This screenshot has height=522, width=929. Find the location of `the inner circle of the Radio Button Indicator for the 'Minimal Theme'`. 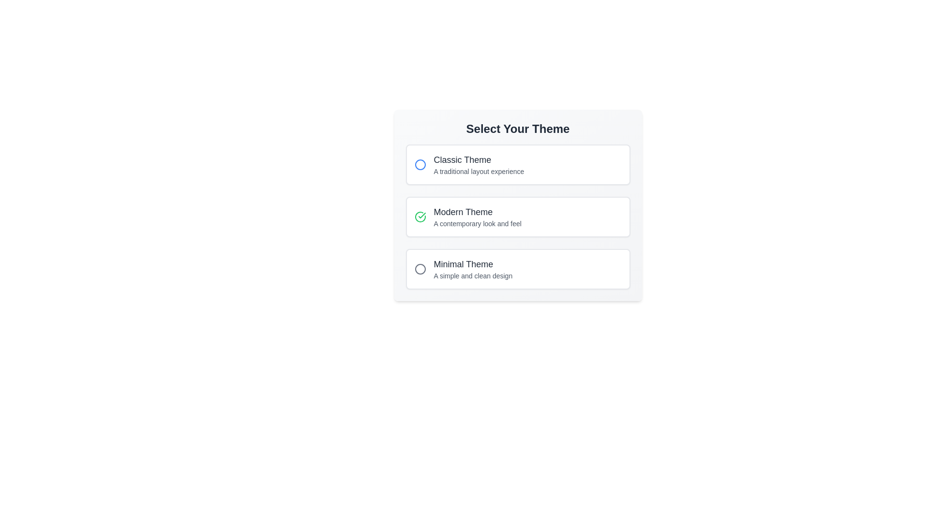

the inner circle of the Radio Button Indicator for the 'Minimal Theme' is located at coordinates (420, 269).